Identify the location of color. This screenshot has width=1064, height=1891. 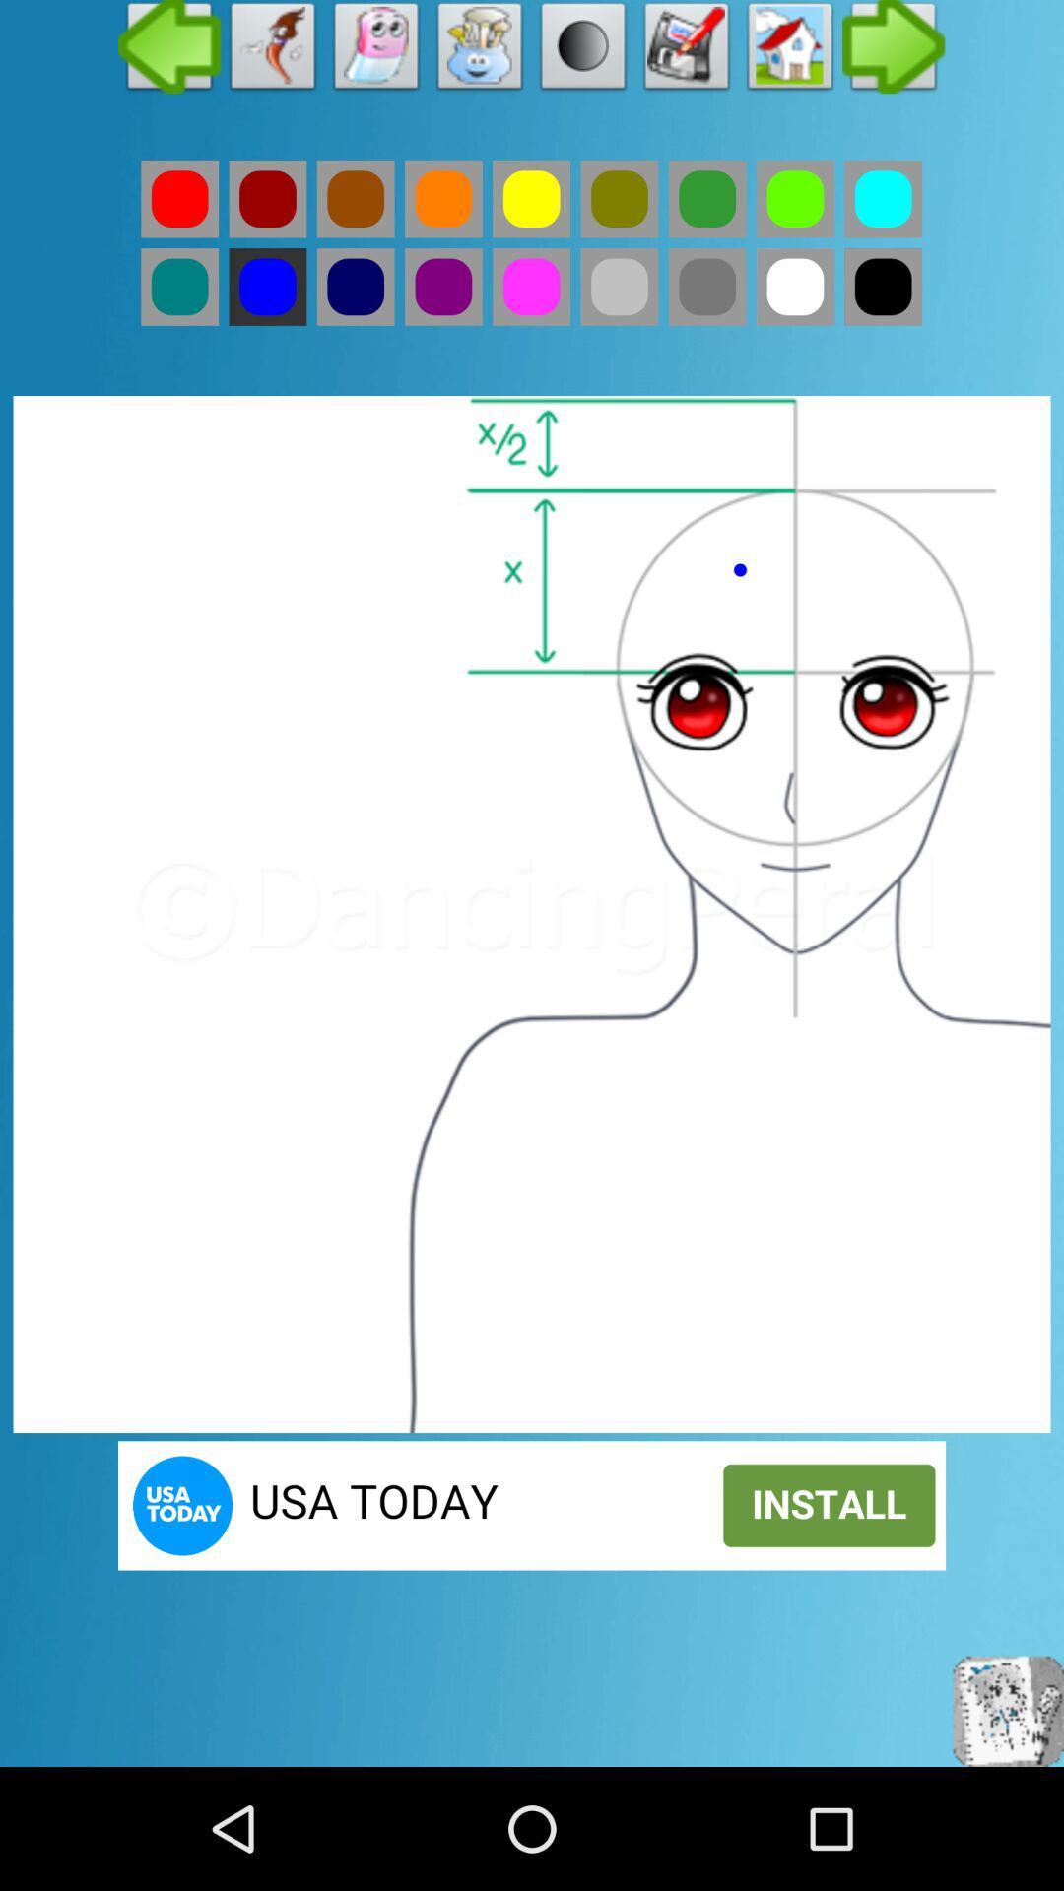
(706, 286).